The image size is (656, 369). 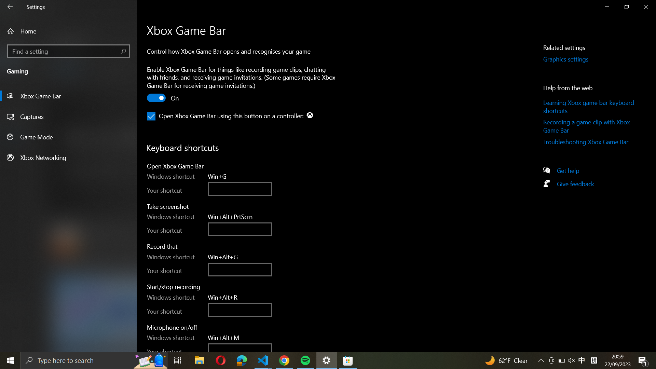 I want to click on the house icon to open the Home page within settings, so click(x=68, y=31).